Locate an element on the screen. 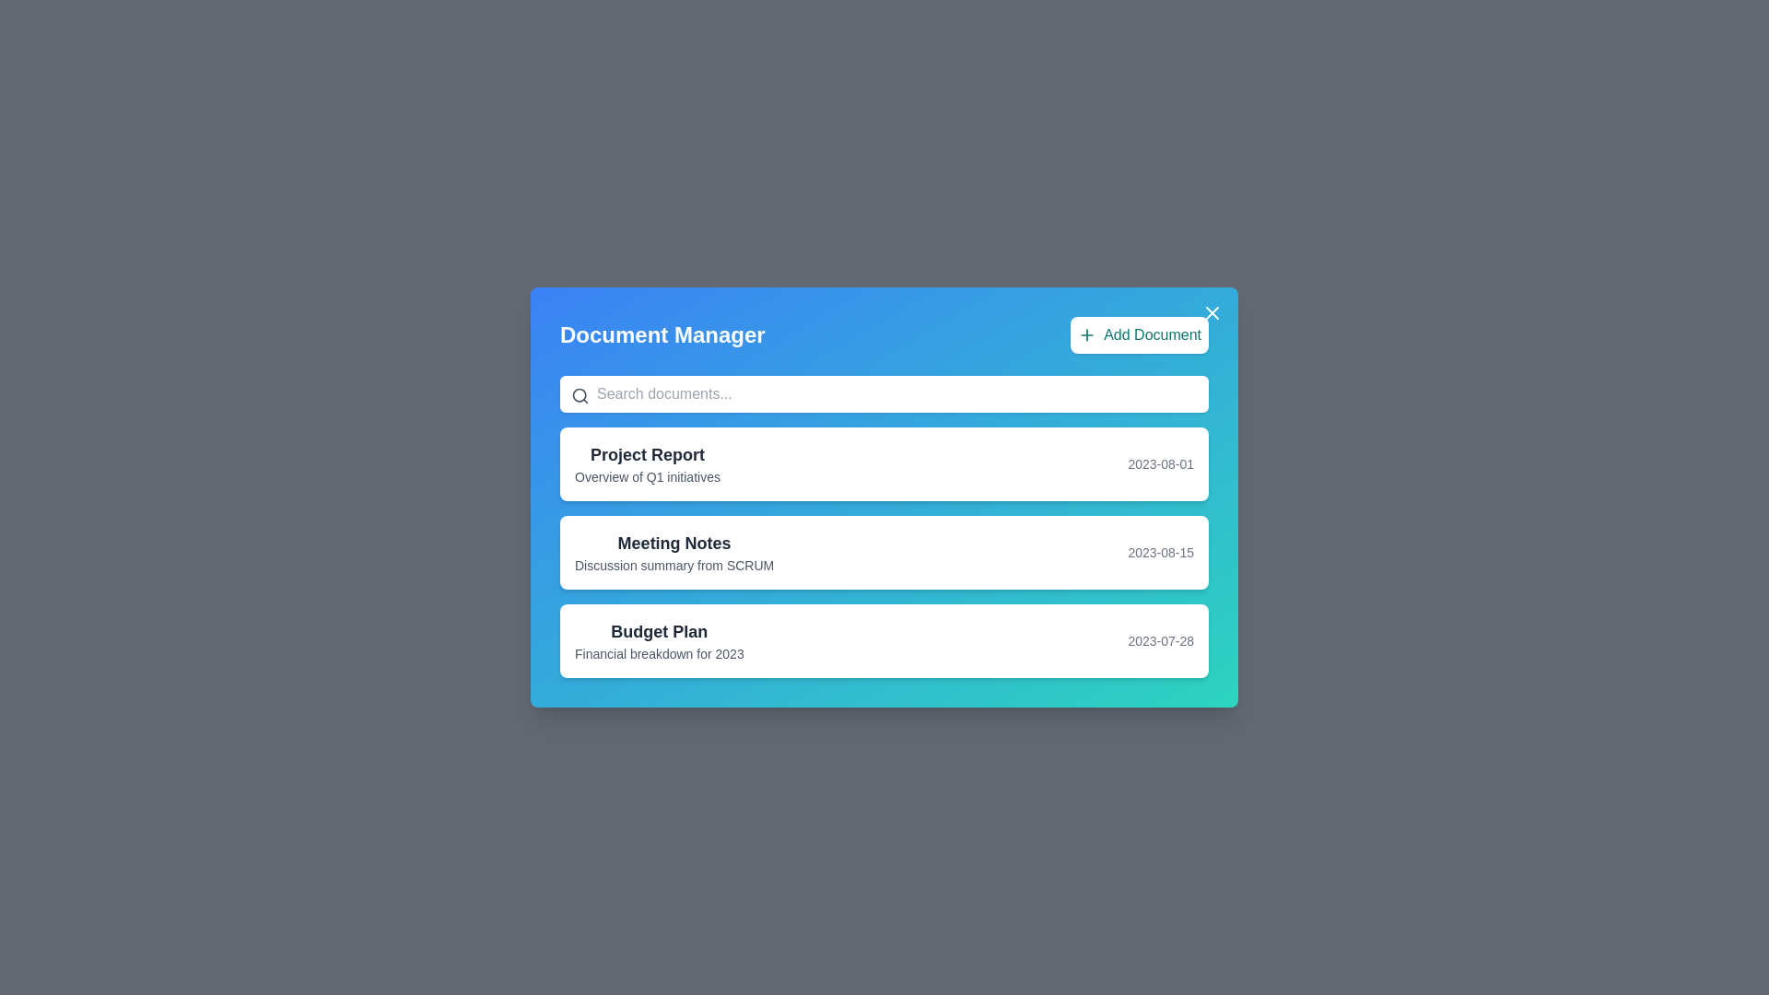 The image size is (1769, 995). the document titled 'Project Report' is located at coordinates (884, 463).